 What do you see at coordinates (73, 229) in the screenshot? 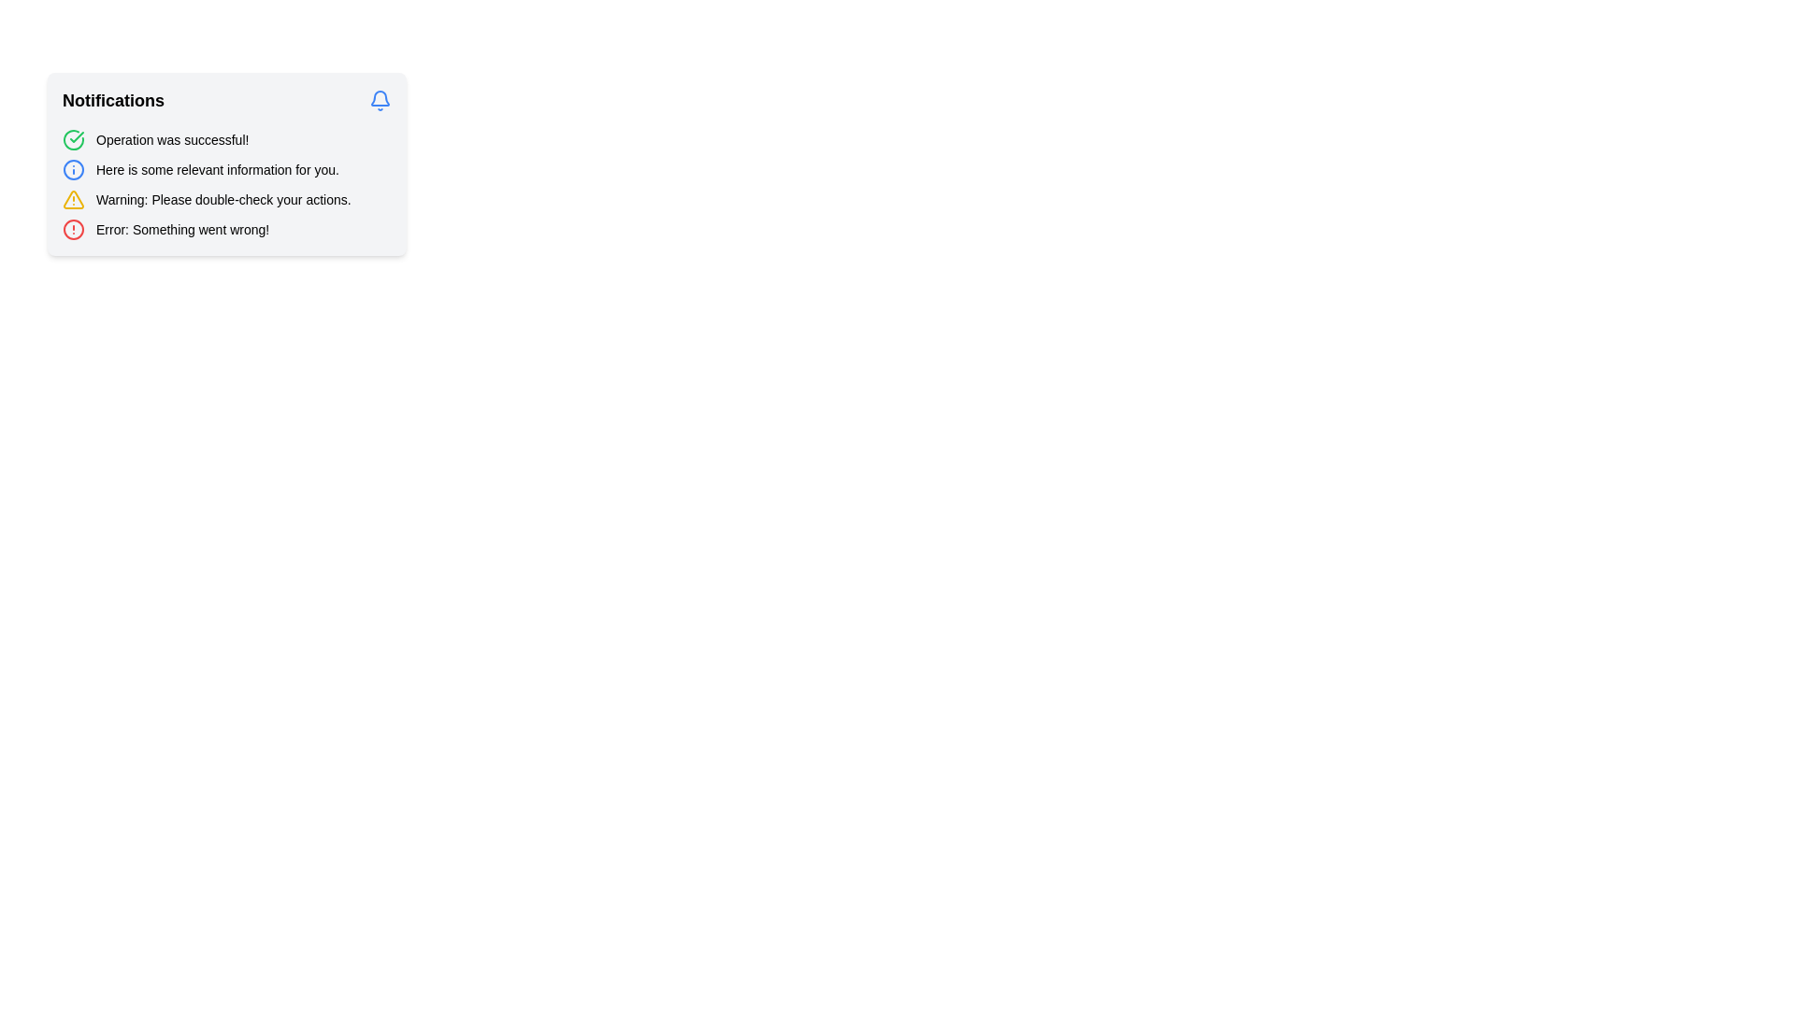
I see `the red circular icon with a white interior, which is part of the error notification and located to the left of the text 'Error: Something went wrong!'` at bounding box center [73, 229].